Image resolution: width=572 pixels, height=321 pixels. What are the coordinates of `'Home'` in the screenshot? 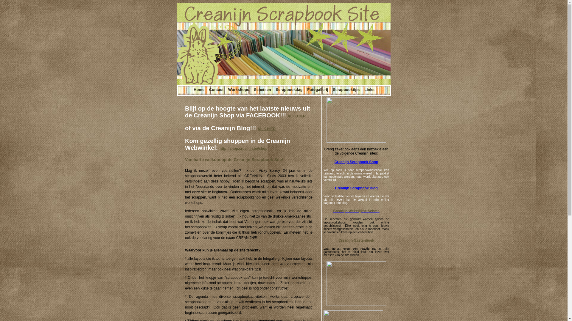 It's located at (200, 89).